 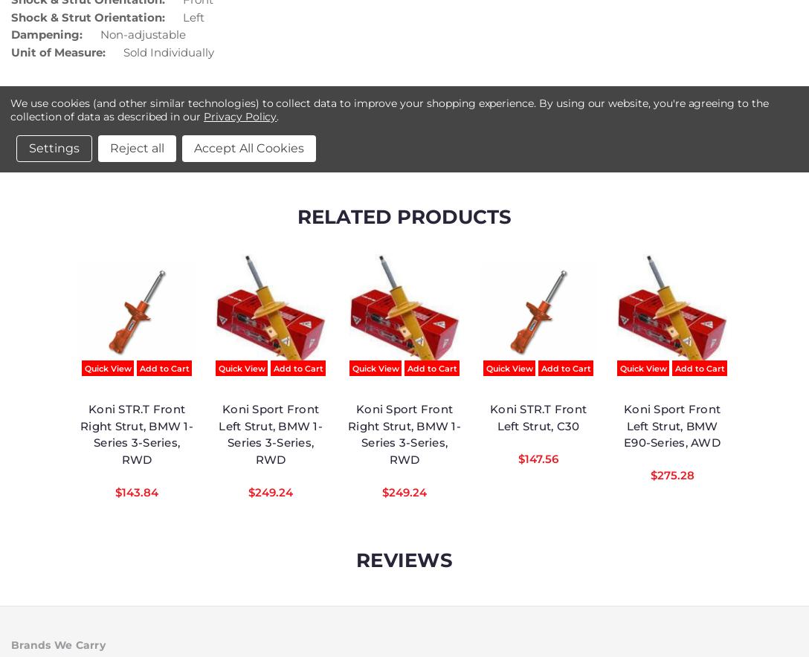 What do you see at coordinates (537, 458) in the screenshot?
I see `'$147.56'` at bounding box center [537, 458].